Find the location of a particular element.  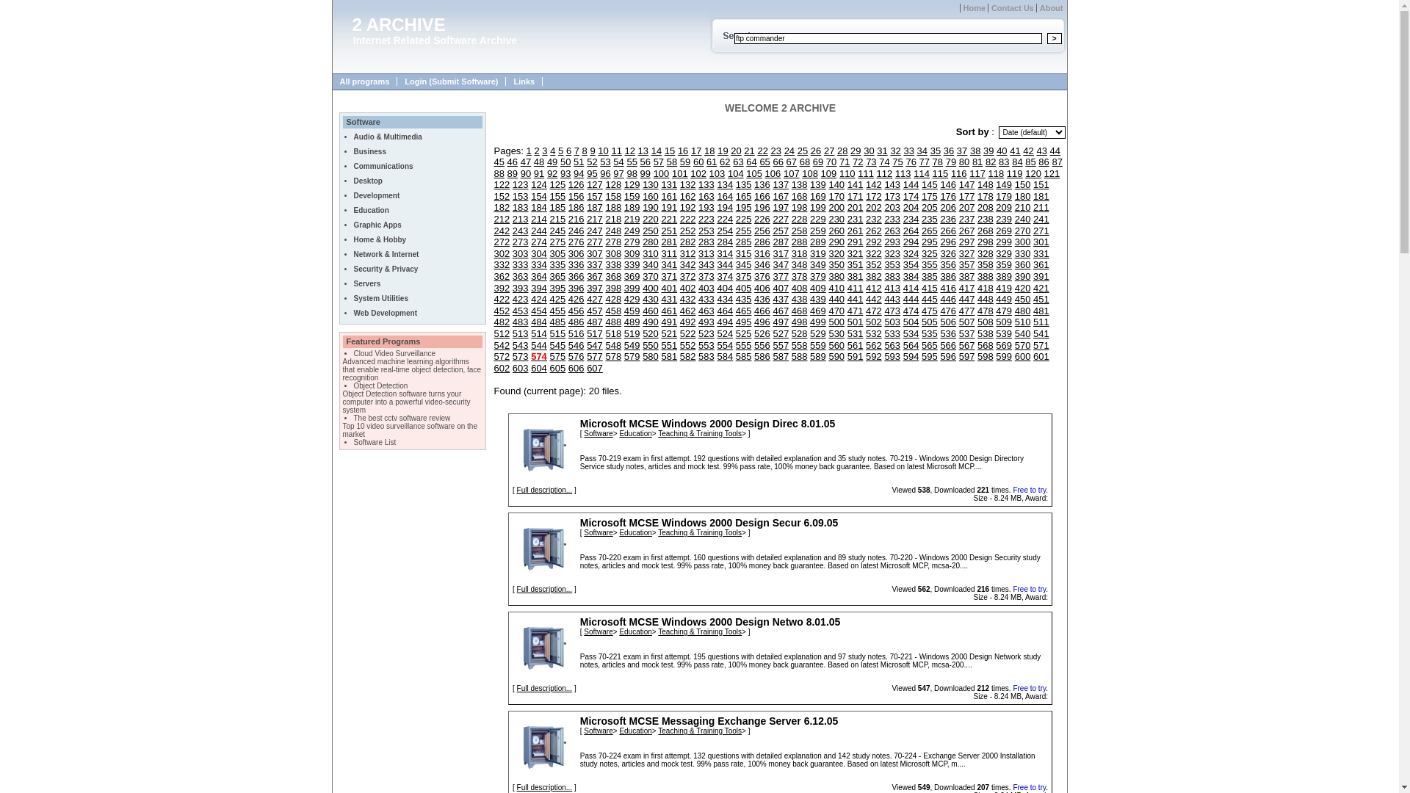

'404' is located at coordinates (716, 288).